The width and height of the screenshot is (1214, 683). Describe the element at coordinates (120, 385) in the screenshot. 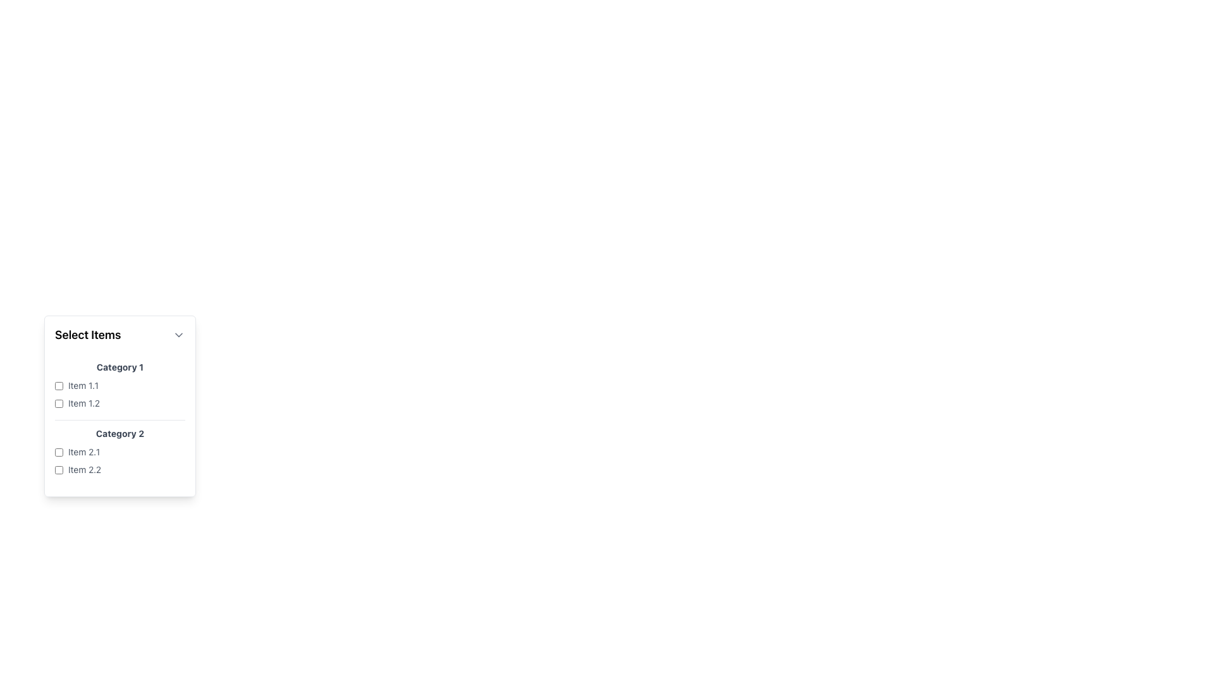

I see `the checkbox labeled 'Item 1.1'` at that location.